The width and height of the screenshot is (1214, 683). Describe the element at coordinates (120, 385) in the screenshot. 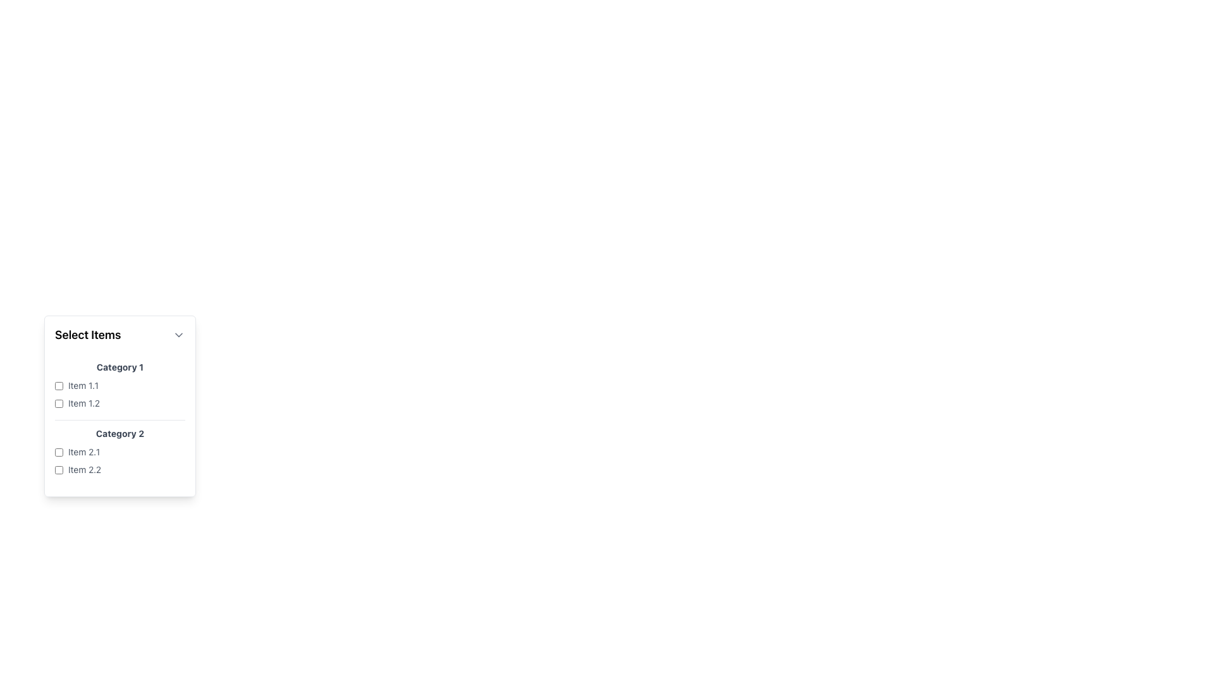

I see `the checkbox labeled 'Item 1.1'` at that location.